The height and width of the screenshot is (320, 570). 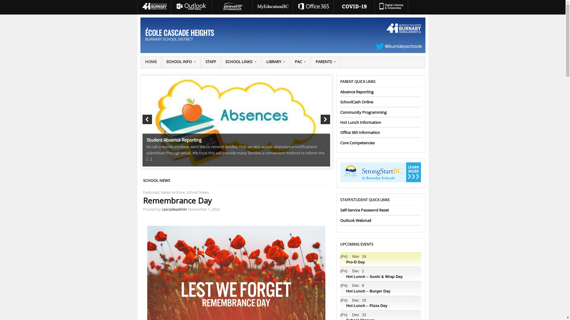 I want to click on 'Hot Lunch Information', so click(x=340, y=122).